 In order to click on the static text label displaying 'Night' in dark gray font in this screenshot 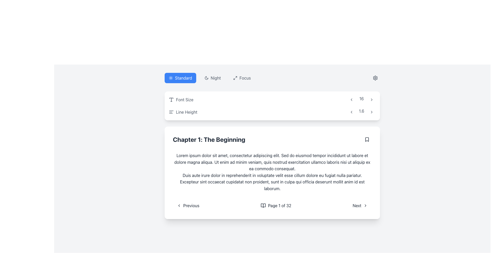, I will do `click(216, 78)`.